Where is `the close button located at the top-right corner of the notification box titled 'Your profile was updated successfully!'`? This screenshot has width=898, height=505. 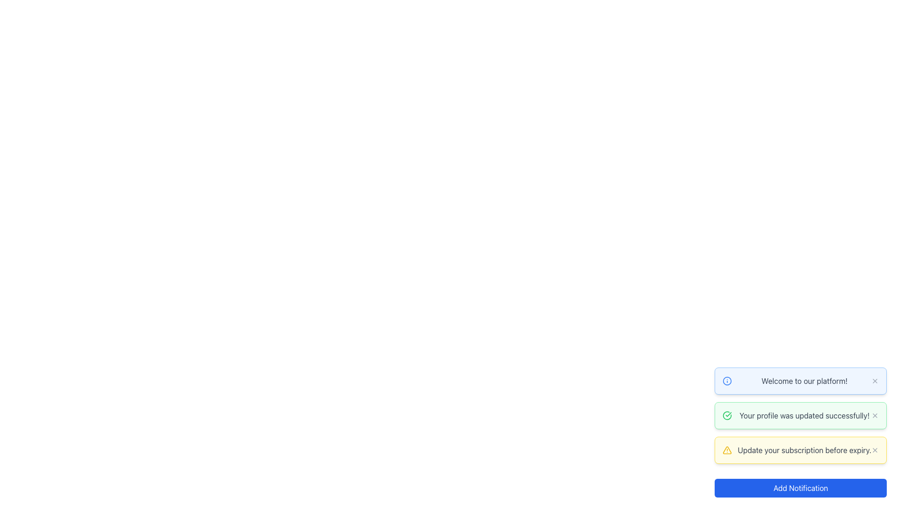 the close button located at the top-right corner of the notification box titled 'Your profile was updated successfully!' is located at coordinates (875, 415).